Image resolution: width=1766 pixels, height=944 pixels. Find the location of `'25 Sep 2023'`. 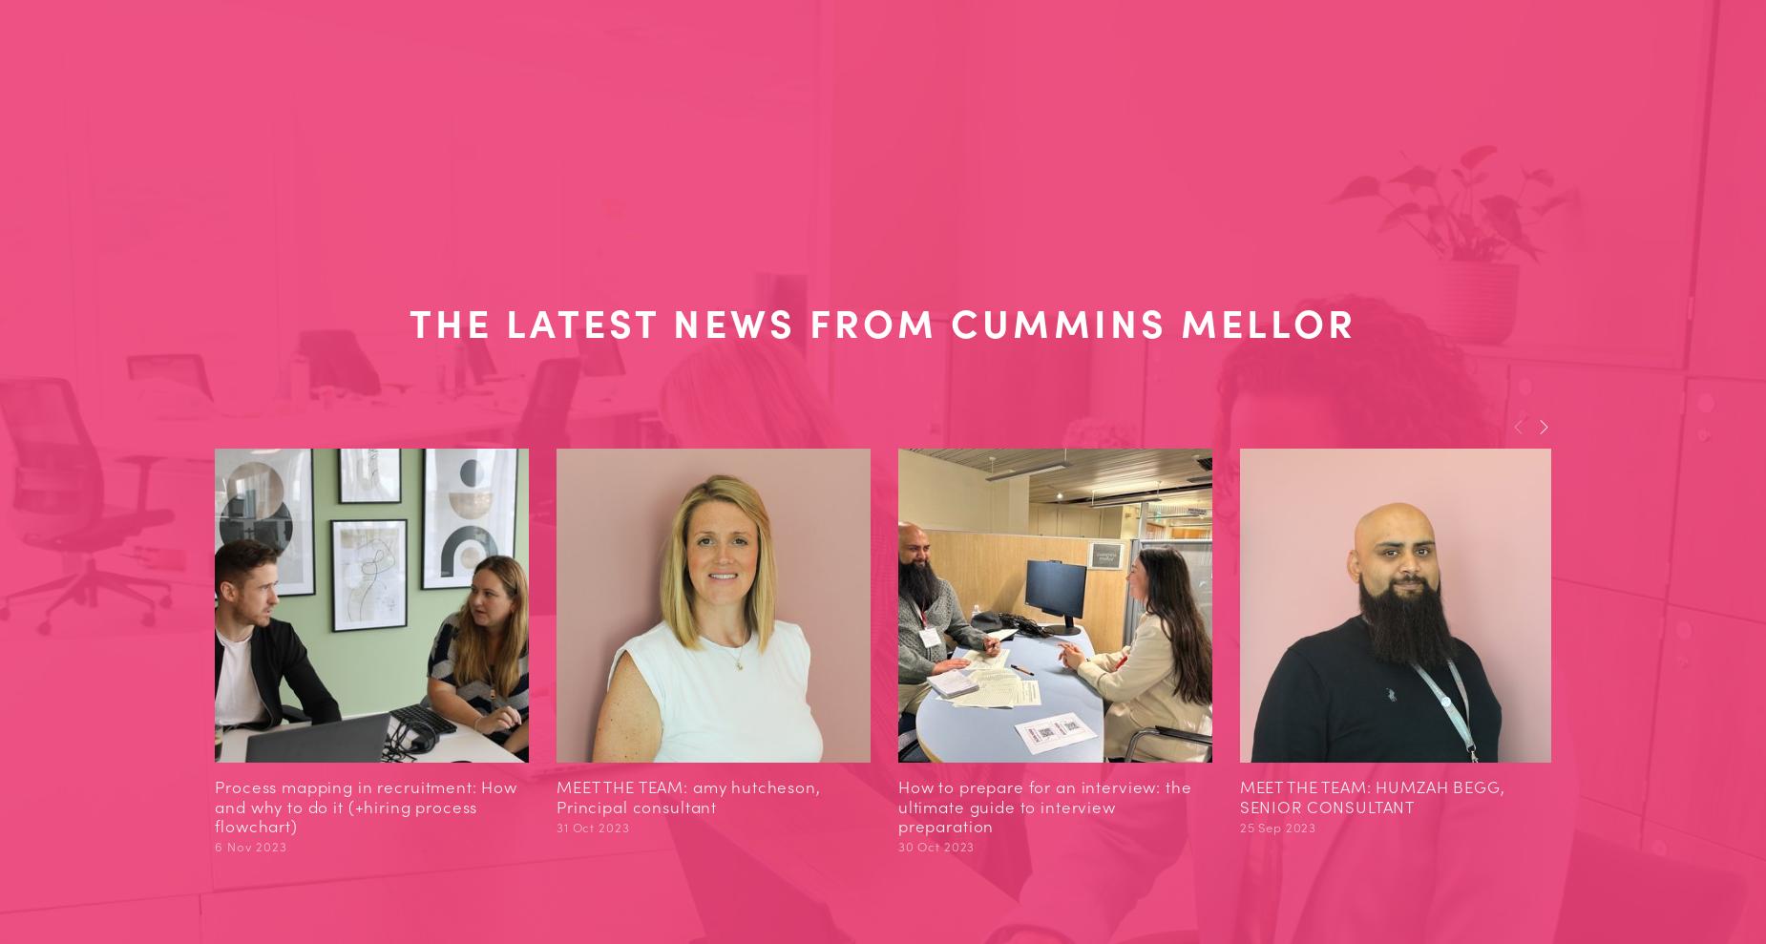

'25 Sep 2023' is located at coordinates (1276, 826).